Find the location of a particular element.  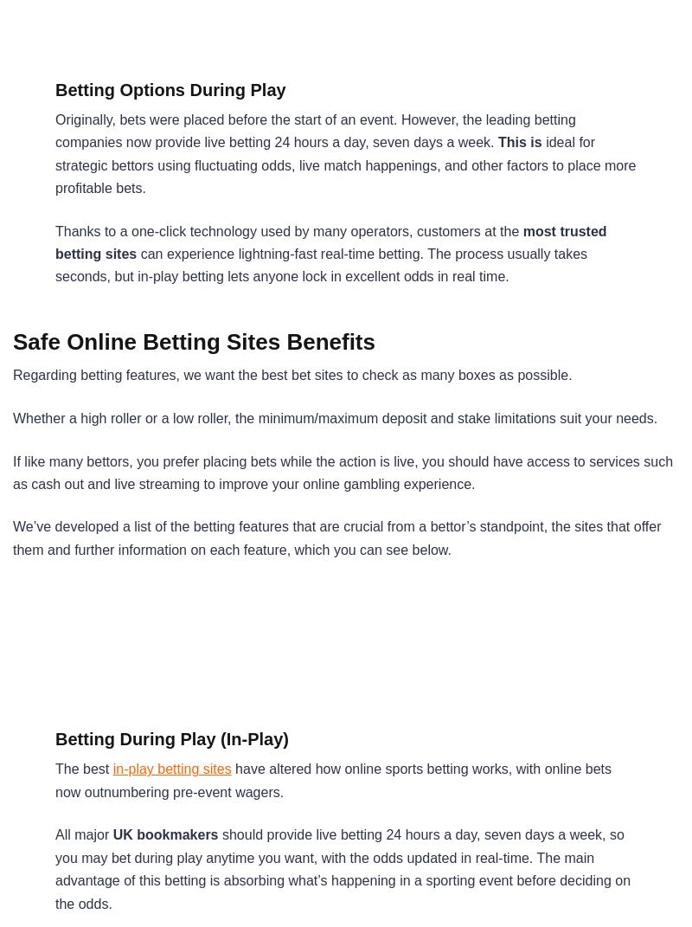

'All major' is located at coordinates (83, 834).